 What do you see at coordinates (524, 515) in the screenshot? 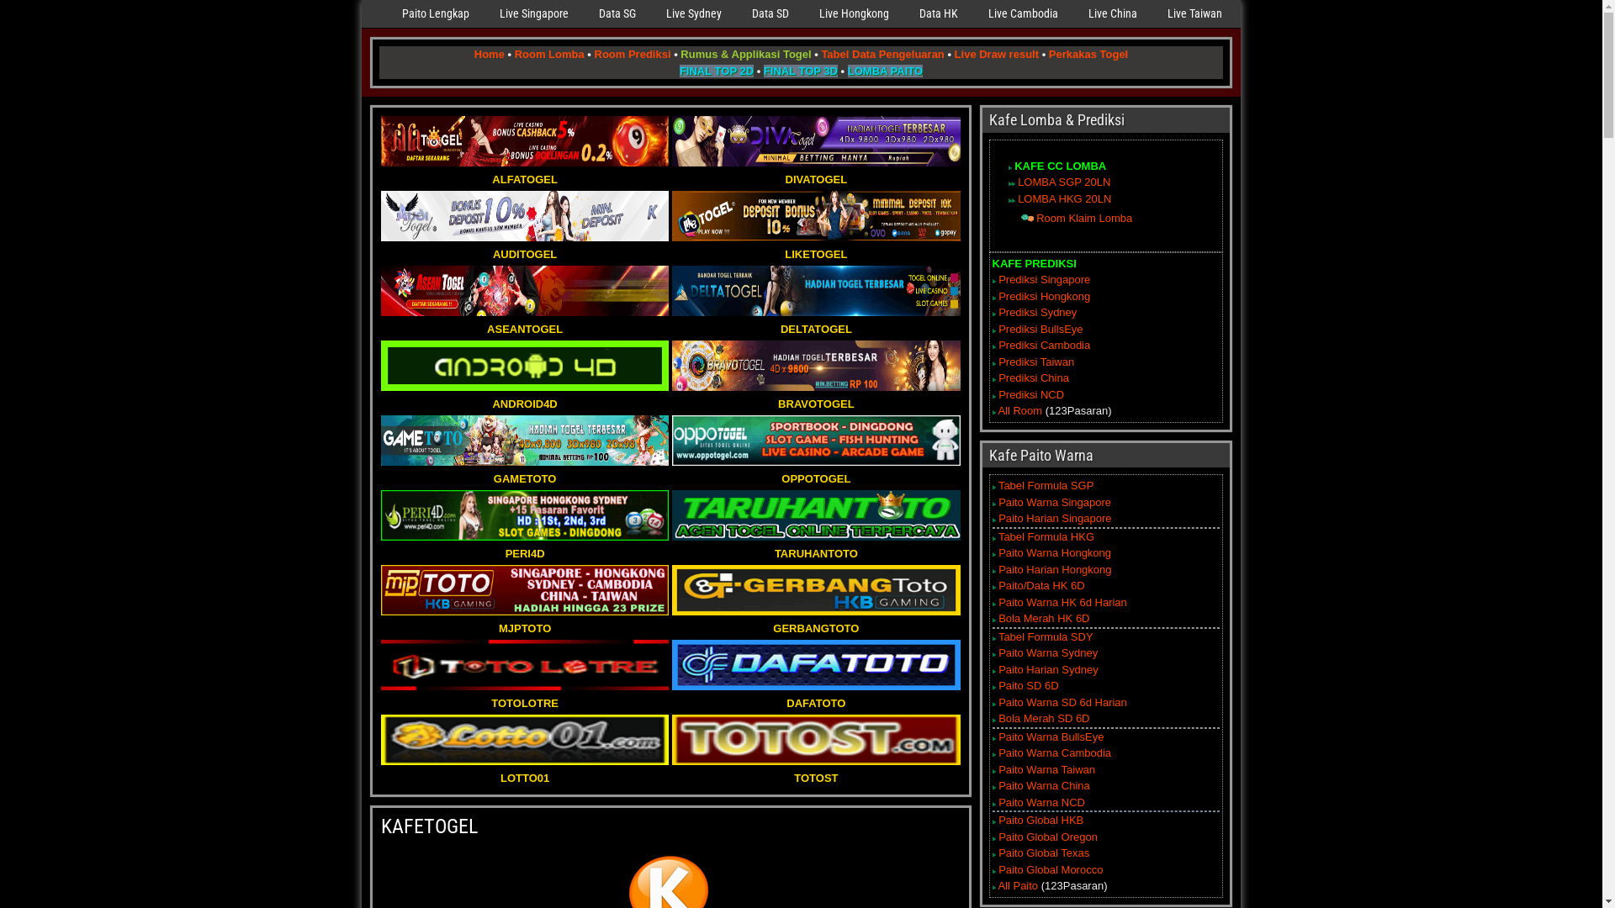
I see `'Bandar Judi Online Terpercaya peri4d'` at bounding box center [524, 515].